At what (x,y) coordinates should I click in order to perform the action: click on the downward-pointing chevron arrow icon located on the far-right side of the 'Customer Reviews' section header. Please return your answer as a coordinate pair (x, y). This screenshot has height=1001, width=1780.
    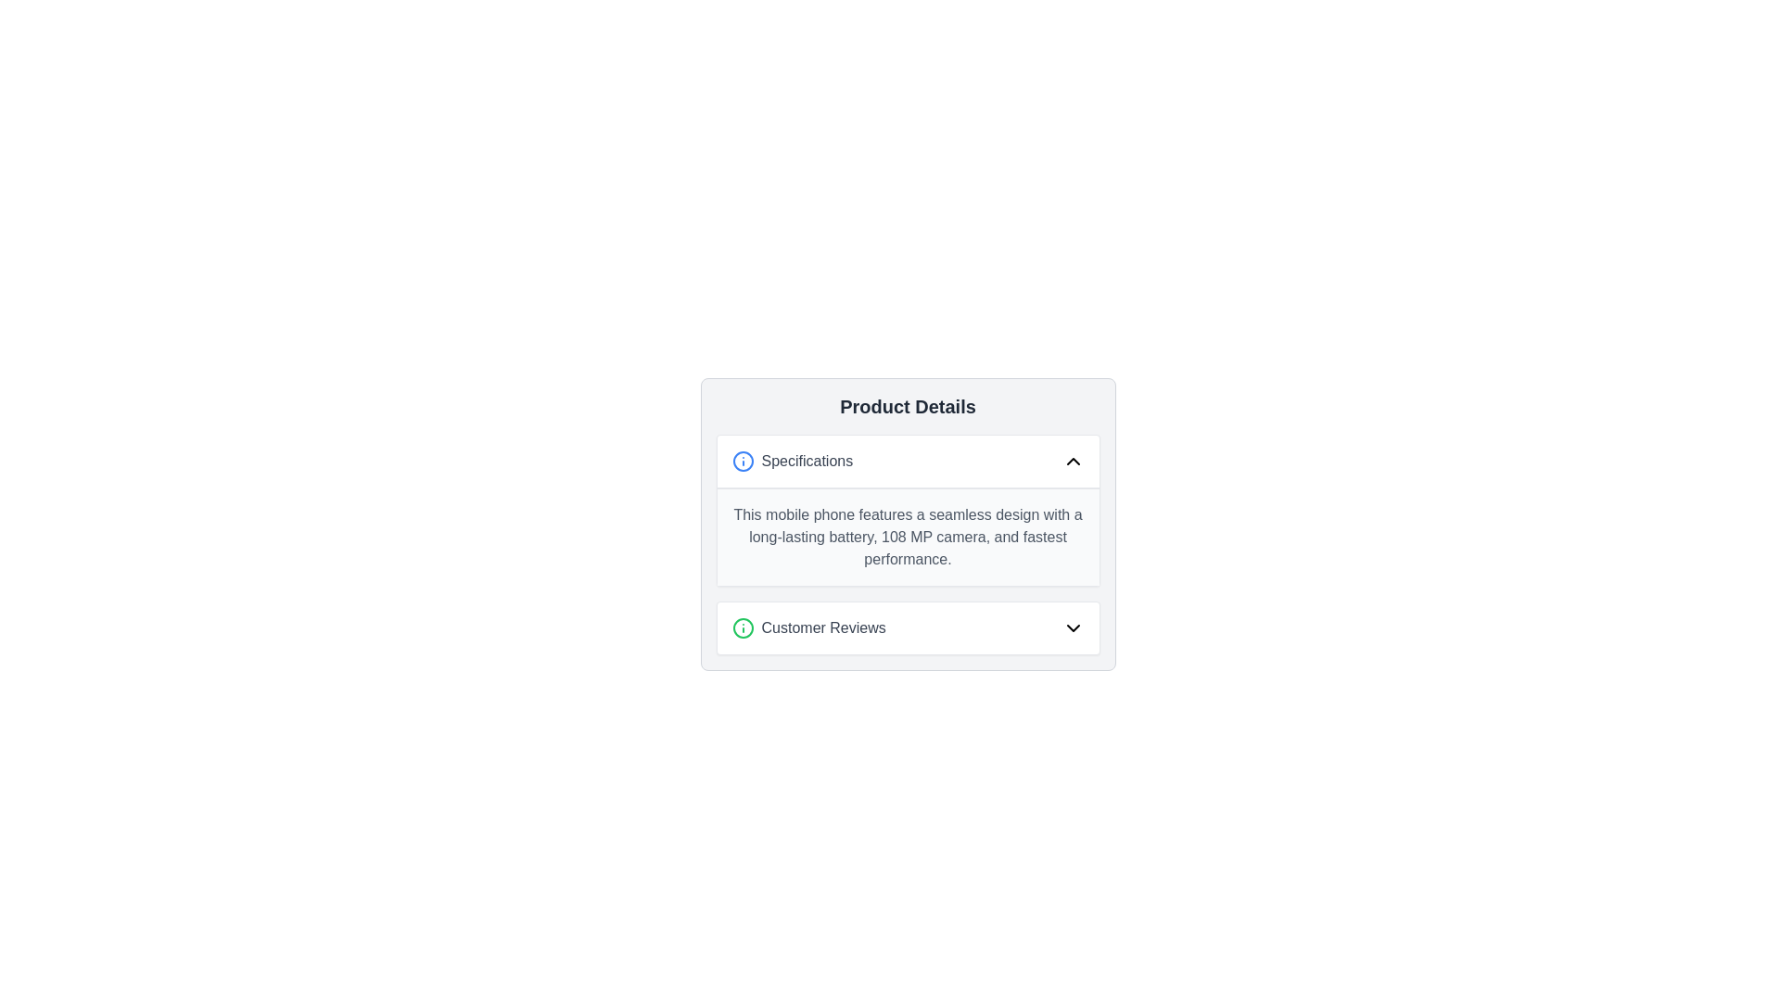
    Looking at the image, I should click on (1073, 627).